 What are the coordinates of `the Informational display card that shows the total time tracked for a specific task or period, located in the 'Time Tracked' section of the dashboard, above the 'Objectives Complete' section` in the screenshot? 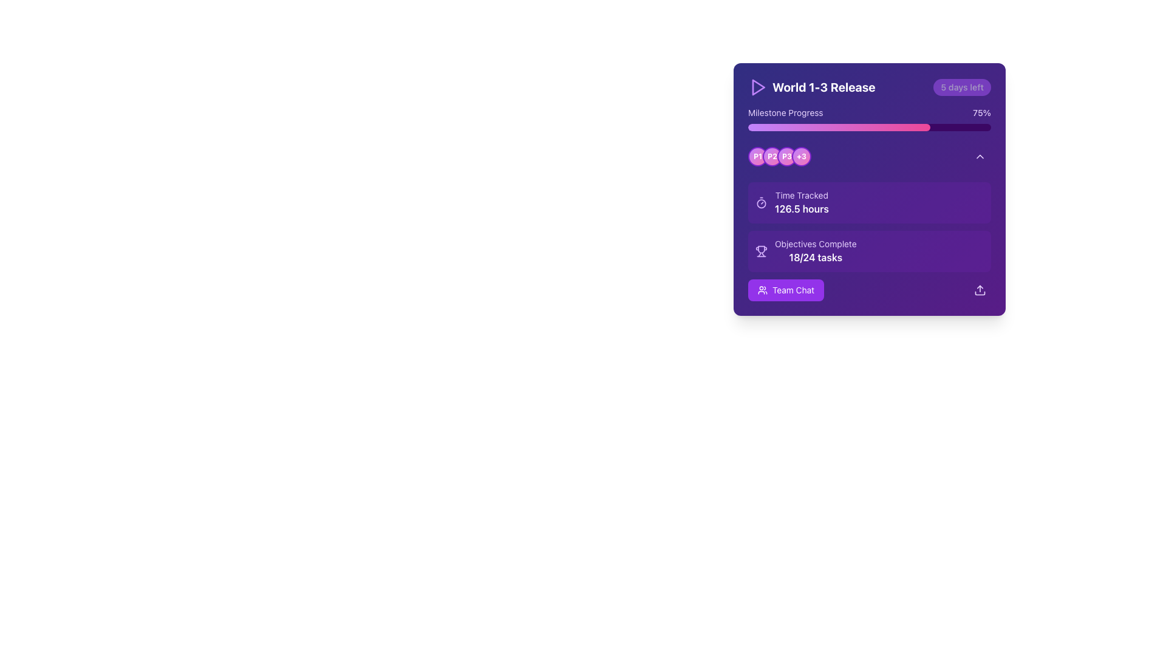 It's located at (868, 202).